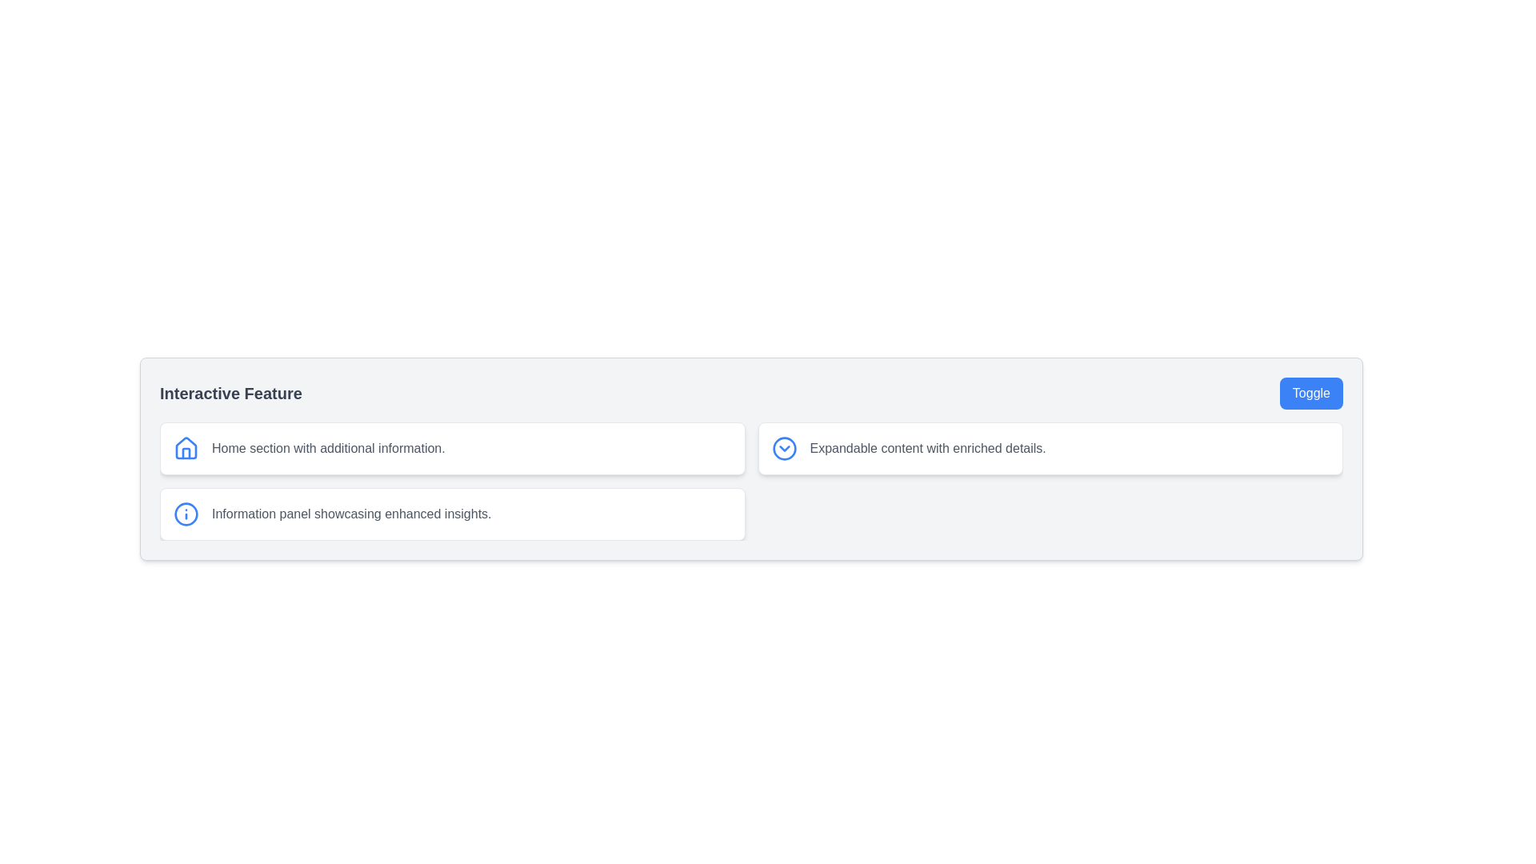 The image size is (1536, 864). What do you see at coordinates (451, 514) in the screenshot?
I see `the third information card located in the lower-left corner of the grid` at bounding box center [451, 514].